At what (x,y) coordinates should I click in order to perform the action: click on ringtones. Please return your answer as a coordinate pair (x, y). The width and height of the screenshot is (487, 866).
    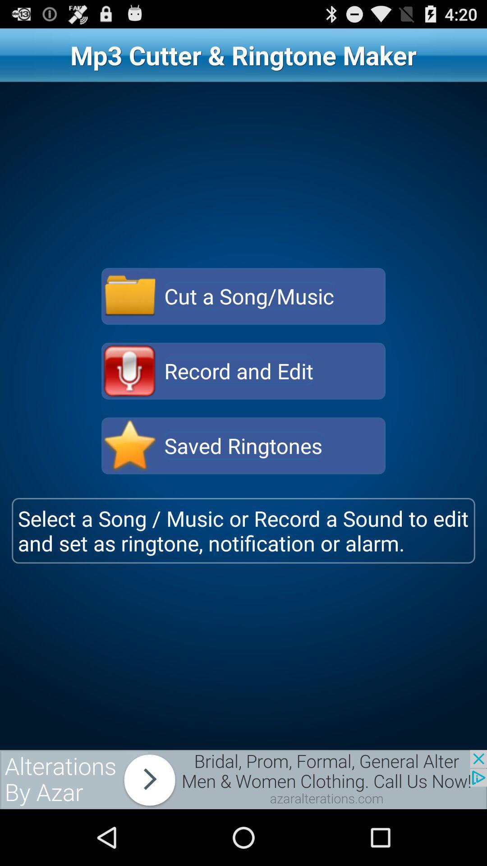
    Looking at the image, I should click on (130, 446).